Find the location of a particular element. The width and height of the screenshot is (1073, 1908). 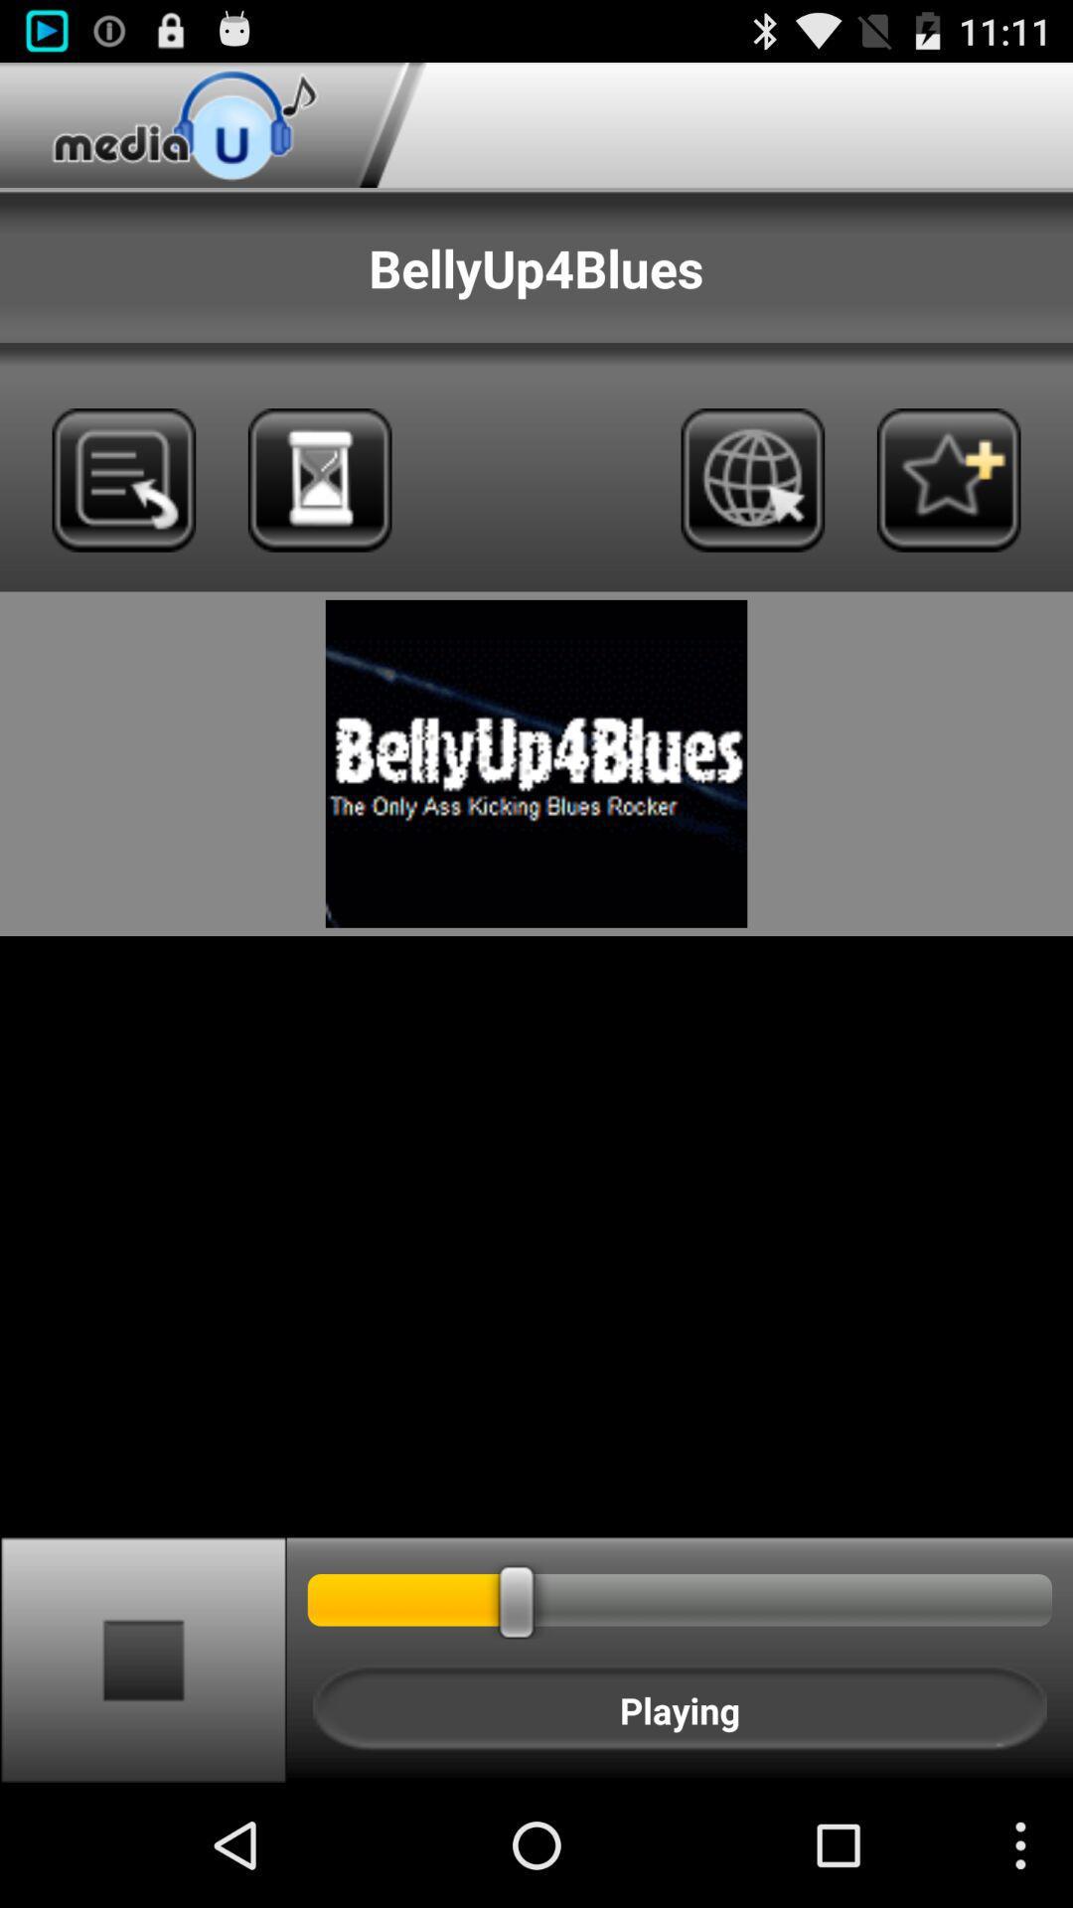

the stop function is located at coordinates (142, 1659).